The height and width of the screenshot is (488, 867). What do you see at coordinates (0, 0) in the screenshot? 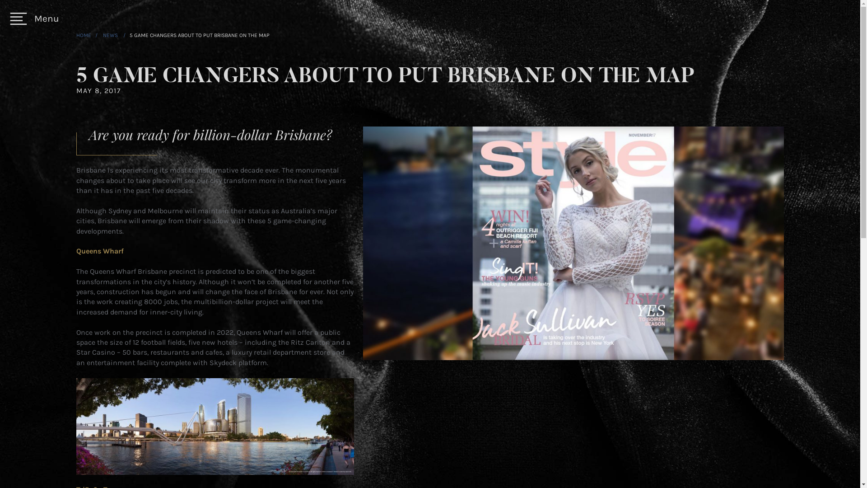
I see `'Skip to primary navigation'` at bounding box center [0, 0].